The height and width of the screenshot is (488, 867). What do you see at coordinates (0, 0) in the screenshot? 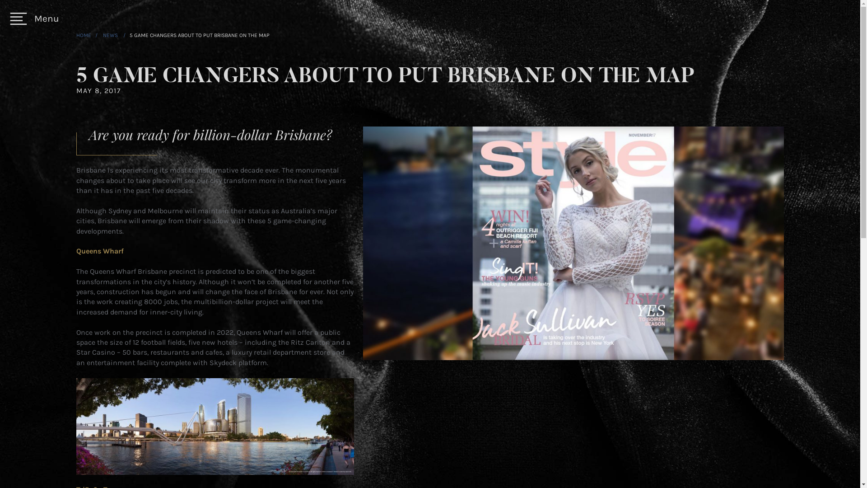
I see `'Skip to primary navigation'` at bounding box center [0, 0].